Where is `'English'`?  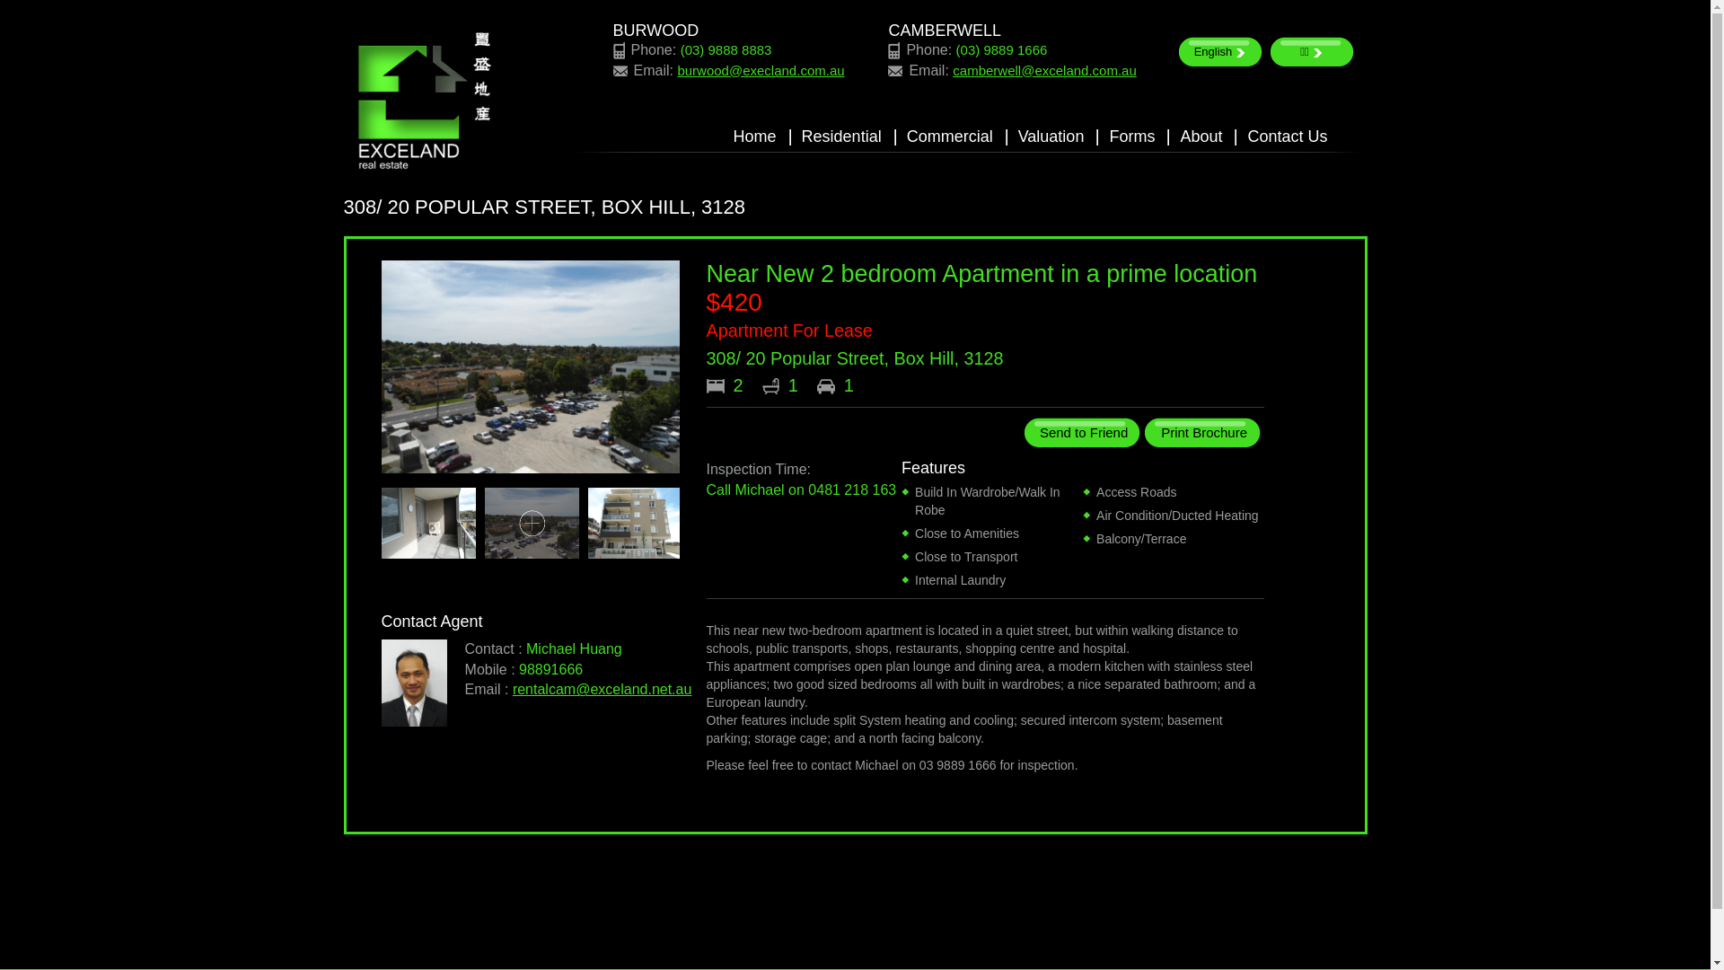
'English' is located at coordinates (1219, 50).